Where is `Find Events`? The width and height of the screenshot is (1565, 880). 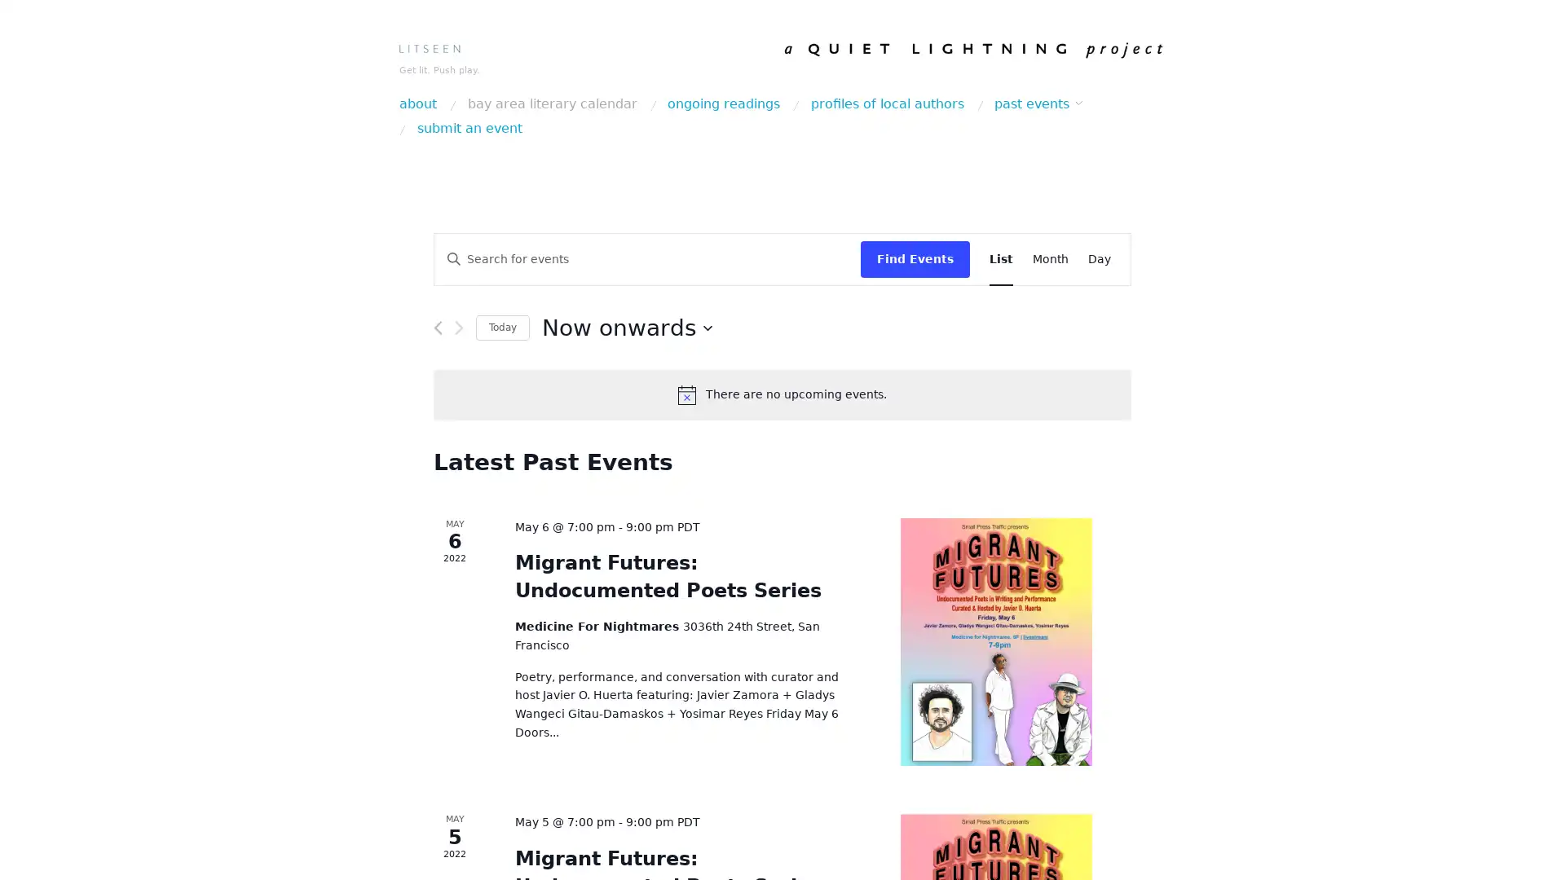
Find Events is located at coordinates (915, 257).